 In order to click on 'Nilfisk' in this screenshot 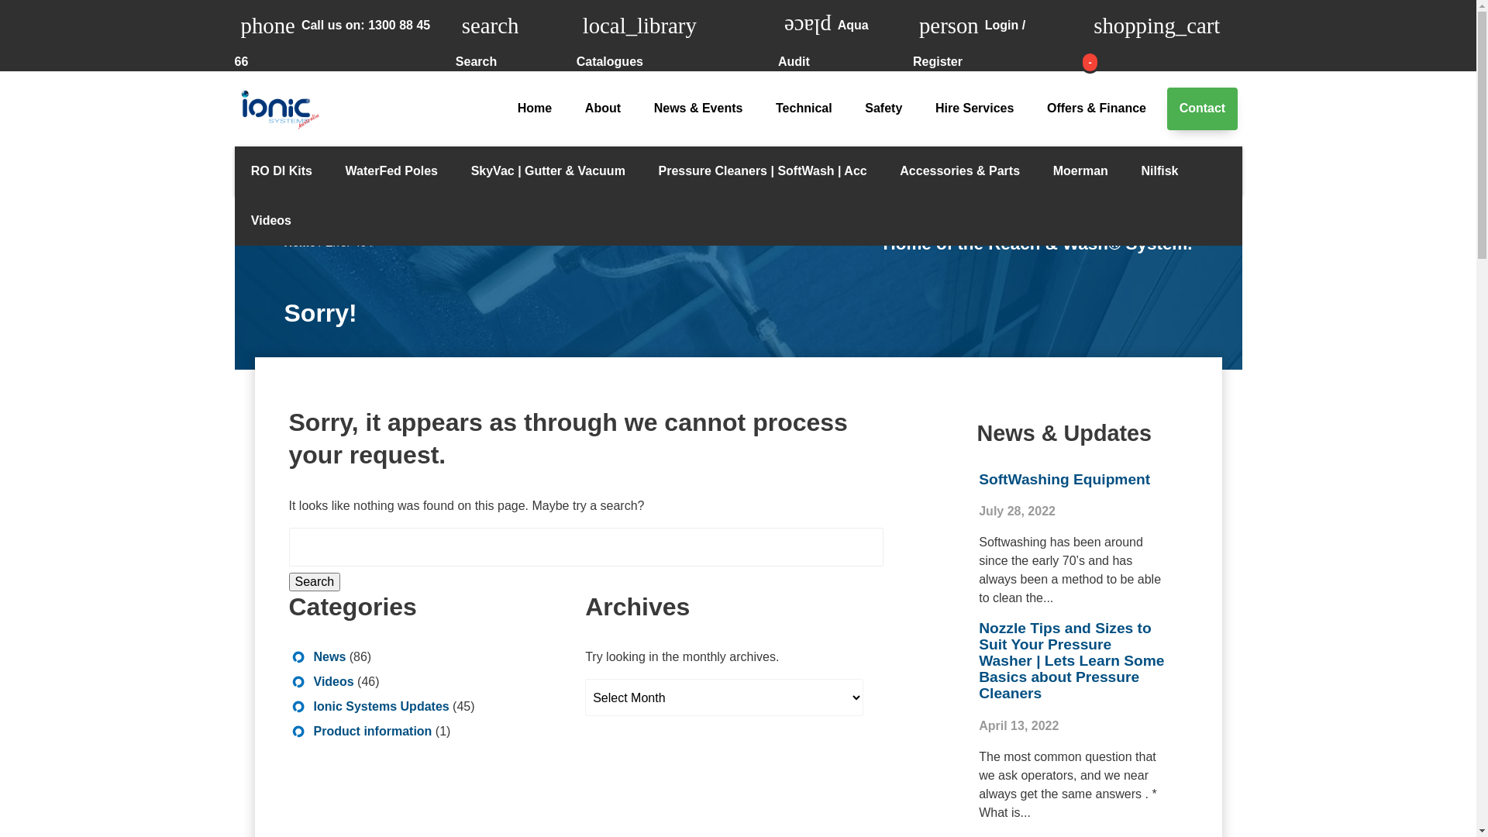, I will do `click(1159, 170)`.